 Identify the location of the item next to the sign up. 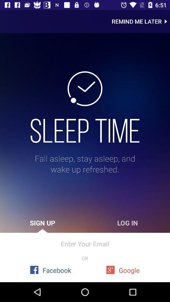
(127, 223).